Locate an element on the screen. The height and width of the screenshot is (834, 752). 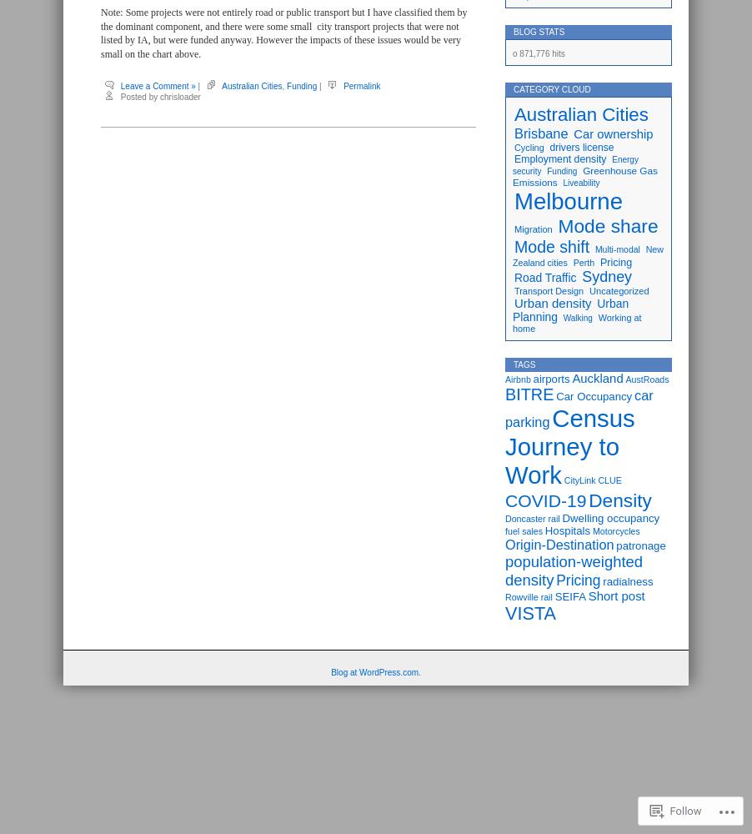
'Census Journey to Work' is located at coordinates (504, 446).